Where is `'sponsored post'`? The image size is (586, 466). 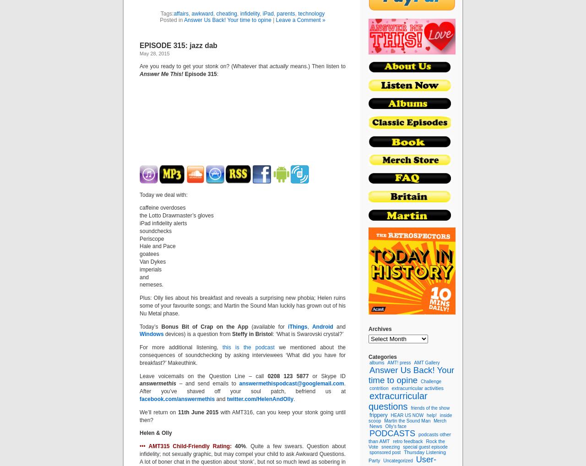
'sponsored post' is located at coordinates (385, 452).